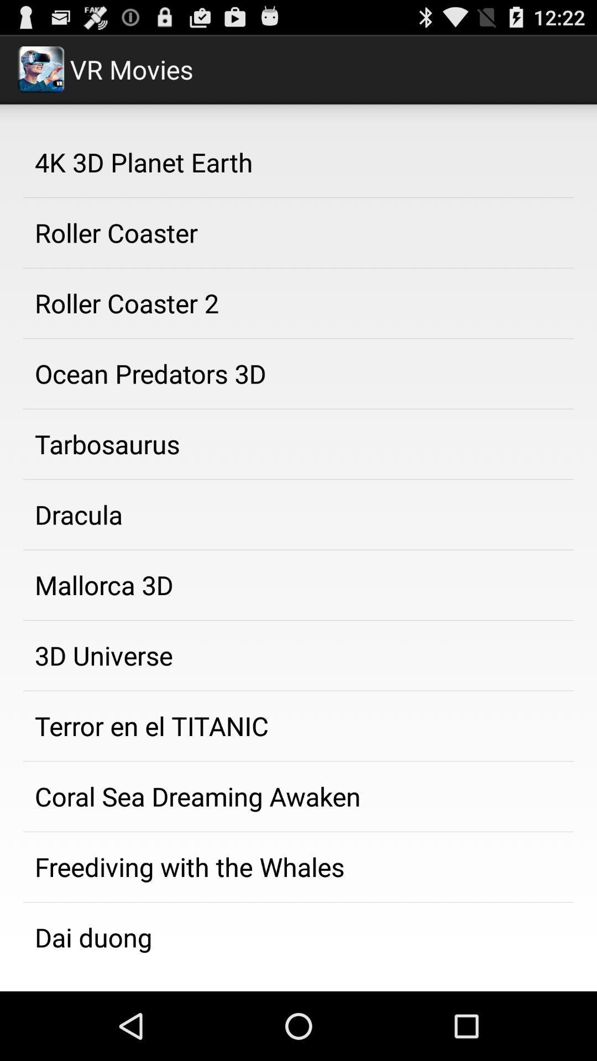  I want to click on the icon below coral sea dreaming item, so click(298, 866).